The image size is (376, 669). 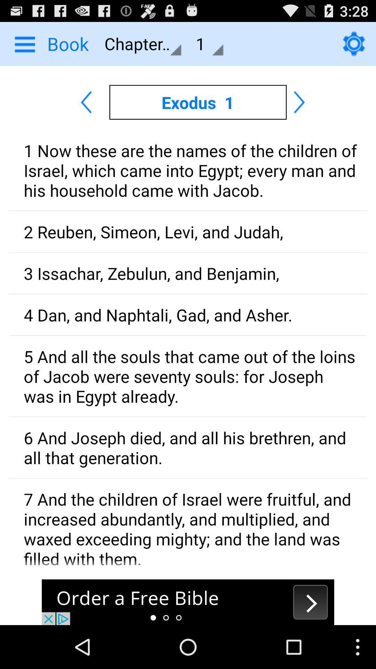 What do you see at coordinates (188, 602) in the screenshot?
I see `shows order a free bible option` at bounding box center [188, 602].